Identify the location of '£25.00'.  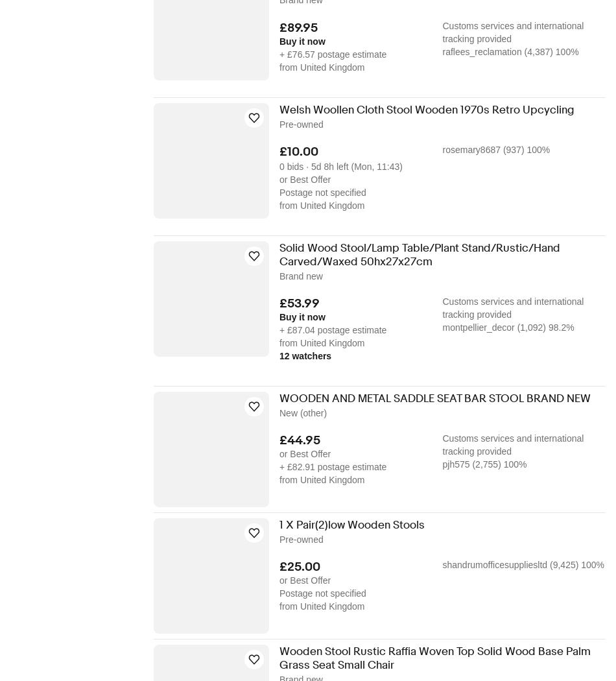
(299, 566).